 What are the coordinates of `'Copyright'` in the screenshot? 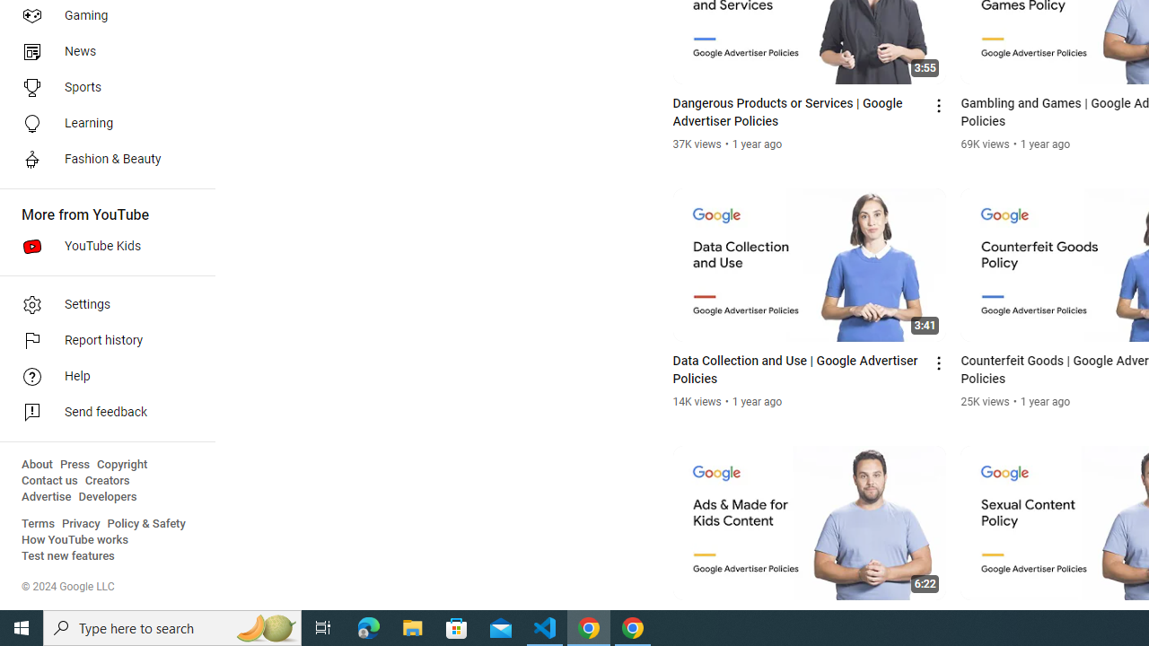 It's located at (121, 464).